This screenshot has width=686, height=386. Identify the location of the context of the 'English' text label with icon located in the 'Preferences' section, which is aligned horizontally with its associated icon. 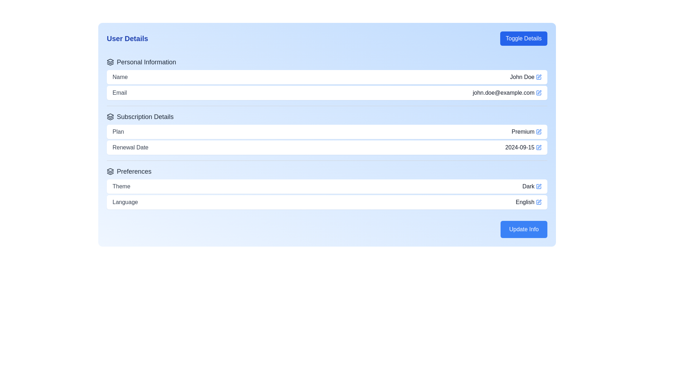
(528, 202).